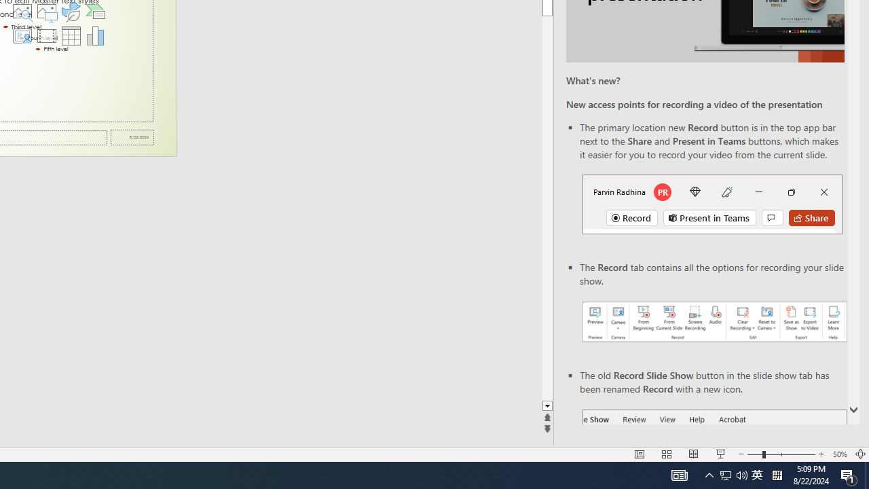 Image resolution: width=869 pixels, height=489 pixels. Describe the element at coordinates (46, 11) in the screenshot. I see `'Pictures'` at that location.